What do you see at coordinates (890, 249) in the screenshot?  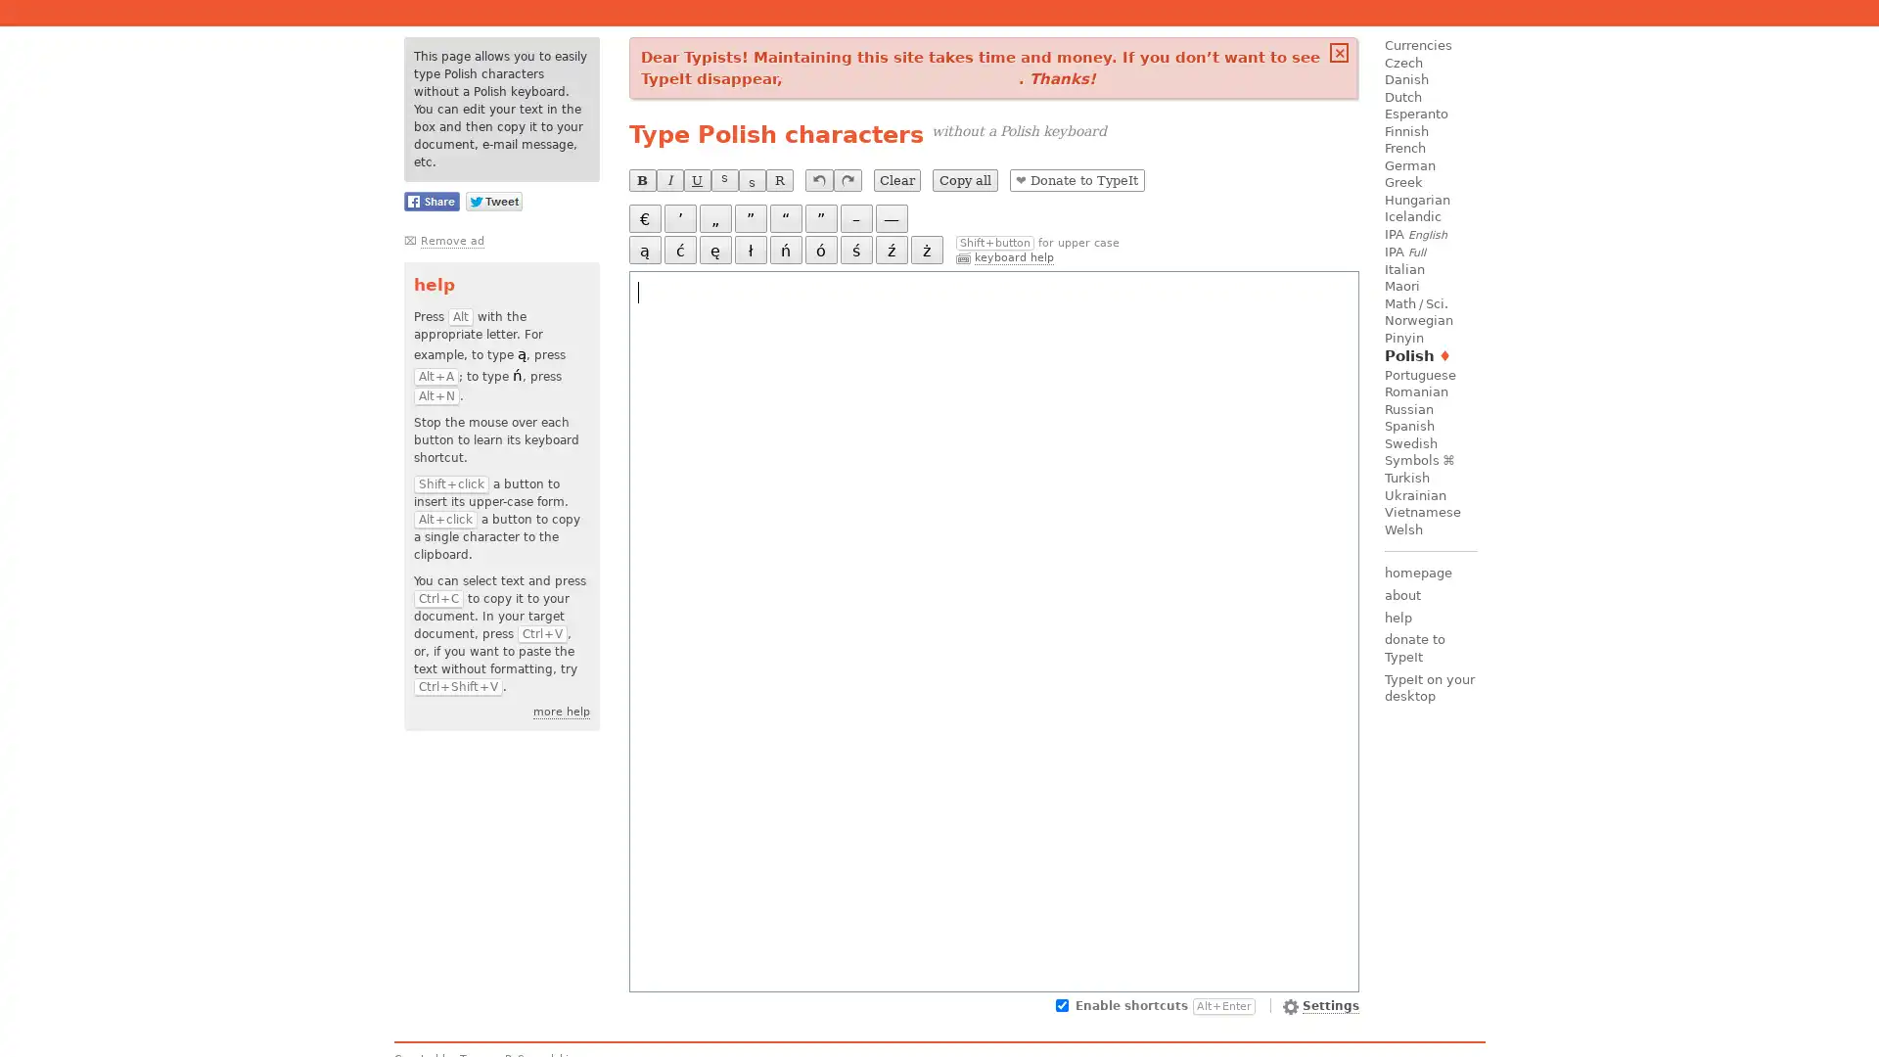 I see `z` at bounding box center [890, 249].